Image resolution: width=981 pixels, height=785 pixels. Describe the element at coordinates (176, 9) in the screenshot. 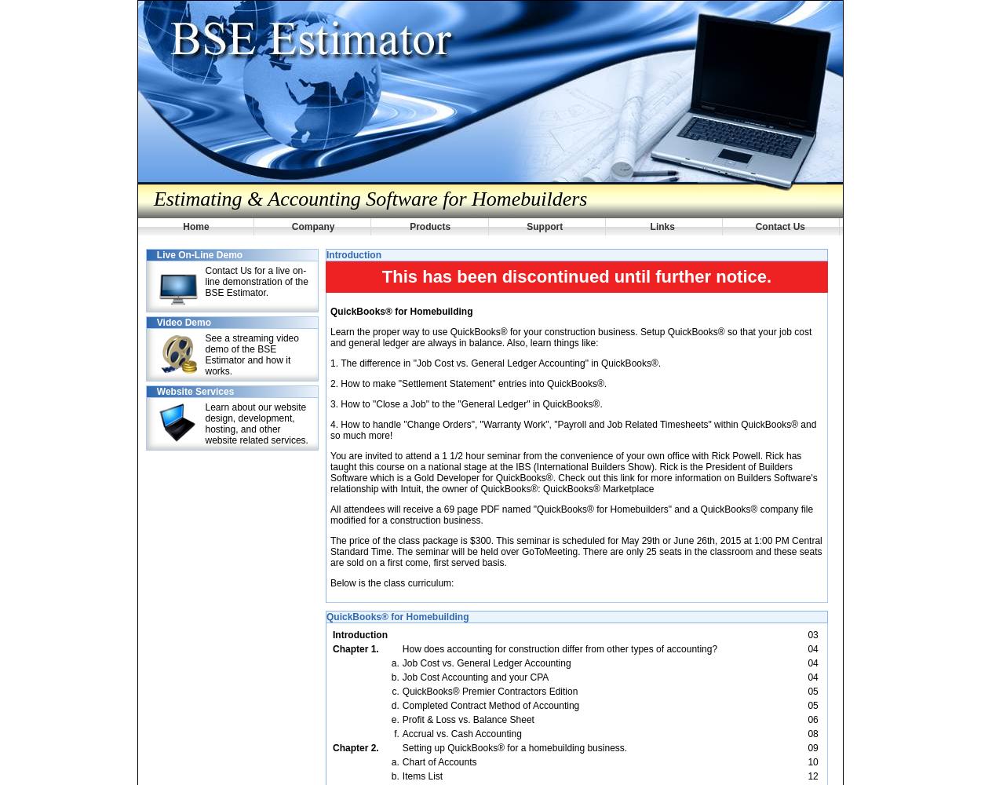

I see `'Corporate'` at that location.